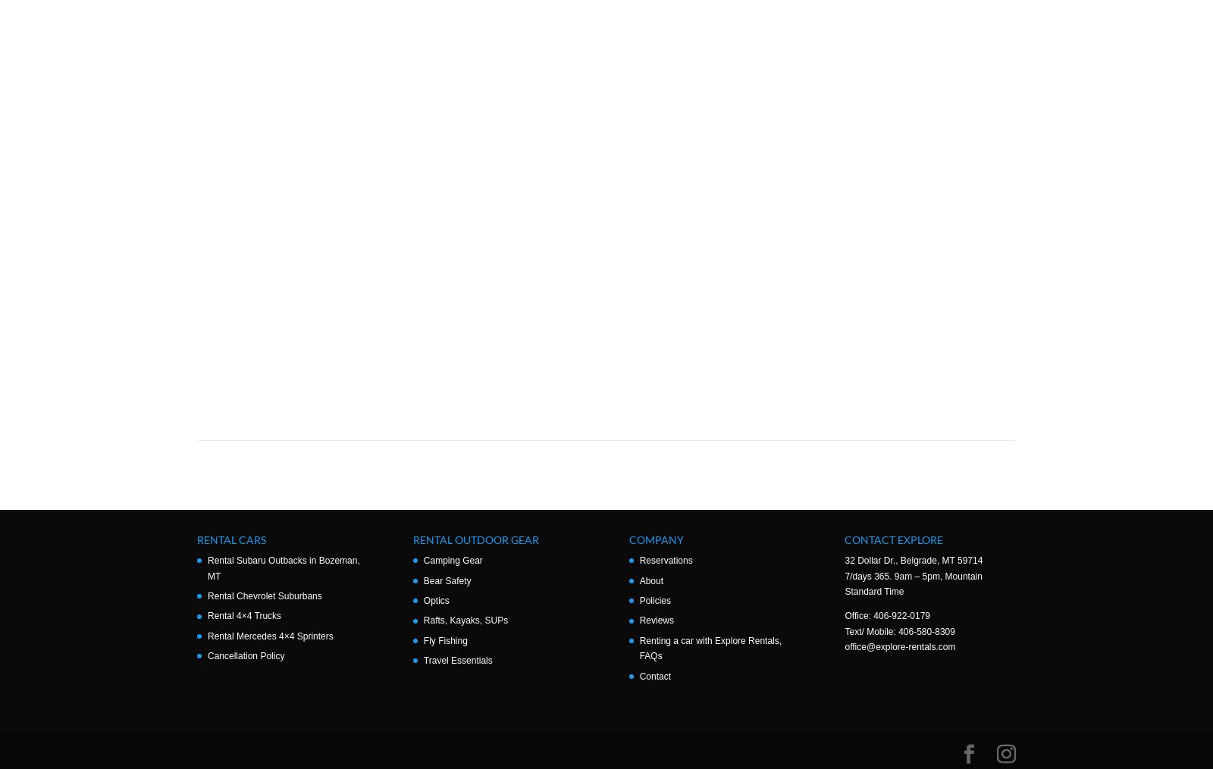  I want to click on '7/days 365. 9am – 5pm, Mountain Standard Time', so click(912, 583).